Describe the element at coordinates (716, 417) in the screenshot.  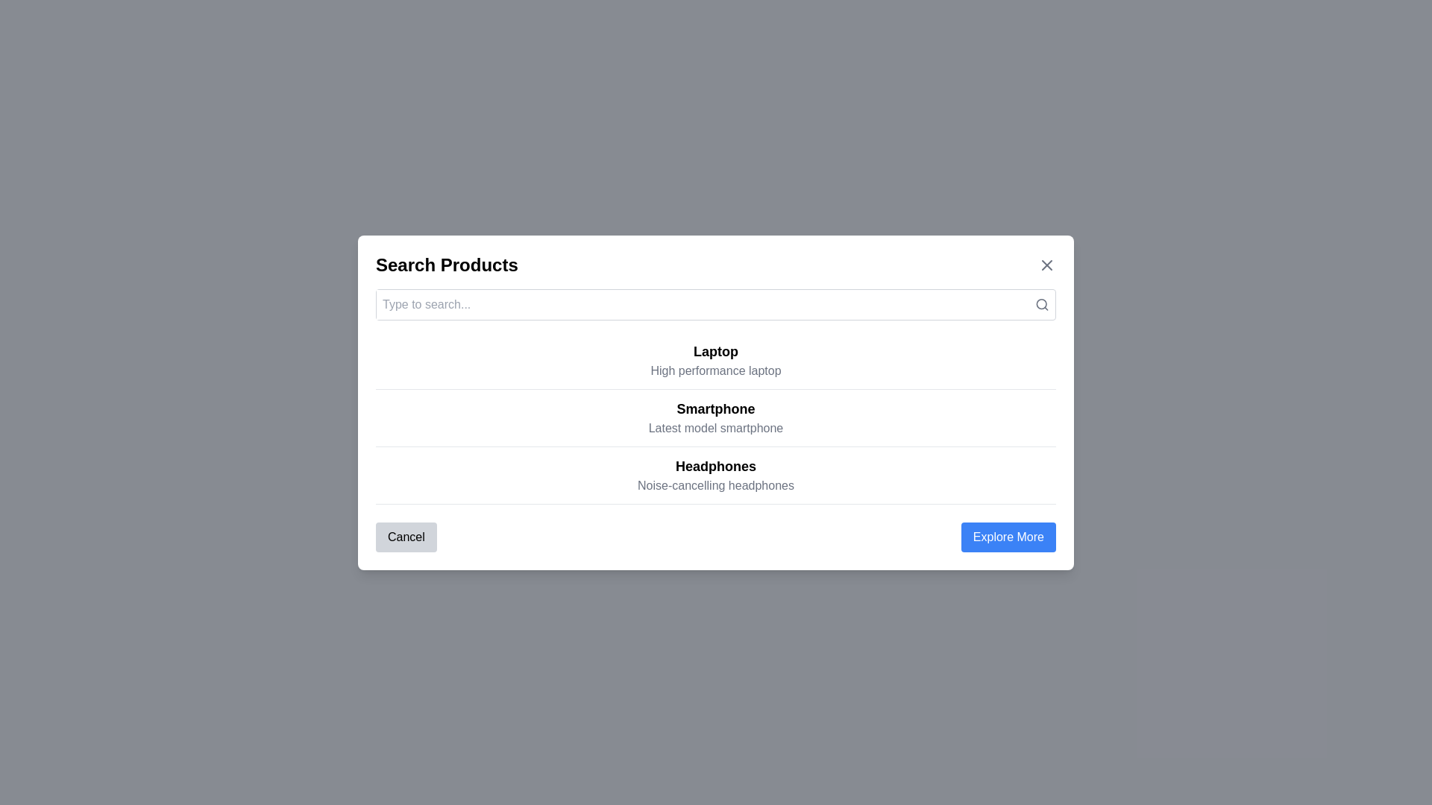
I see `a product from the list containing 'Laptop', 'Smartphone', and 'Headphones' located near the center of the modal window` at that location.